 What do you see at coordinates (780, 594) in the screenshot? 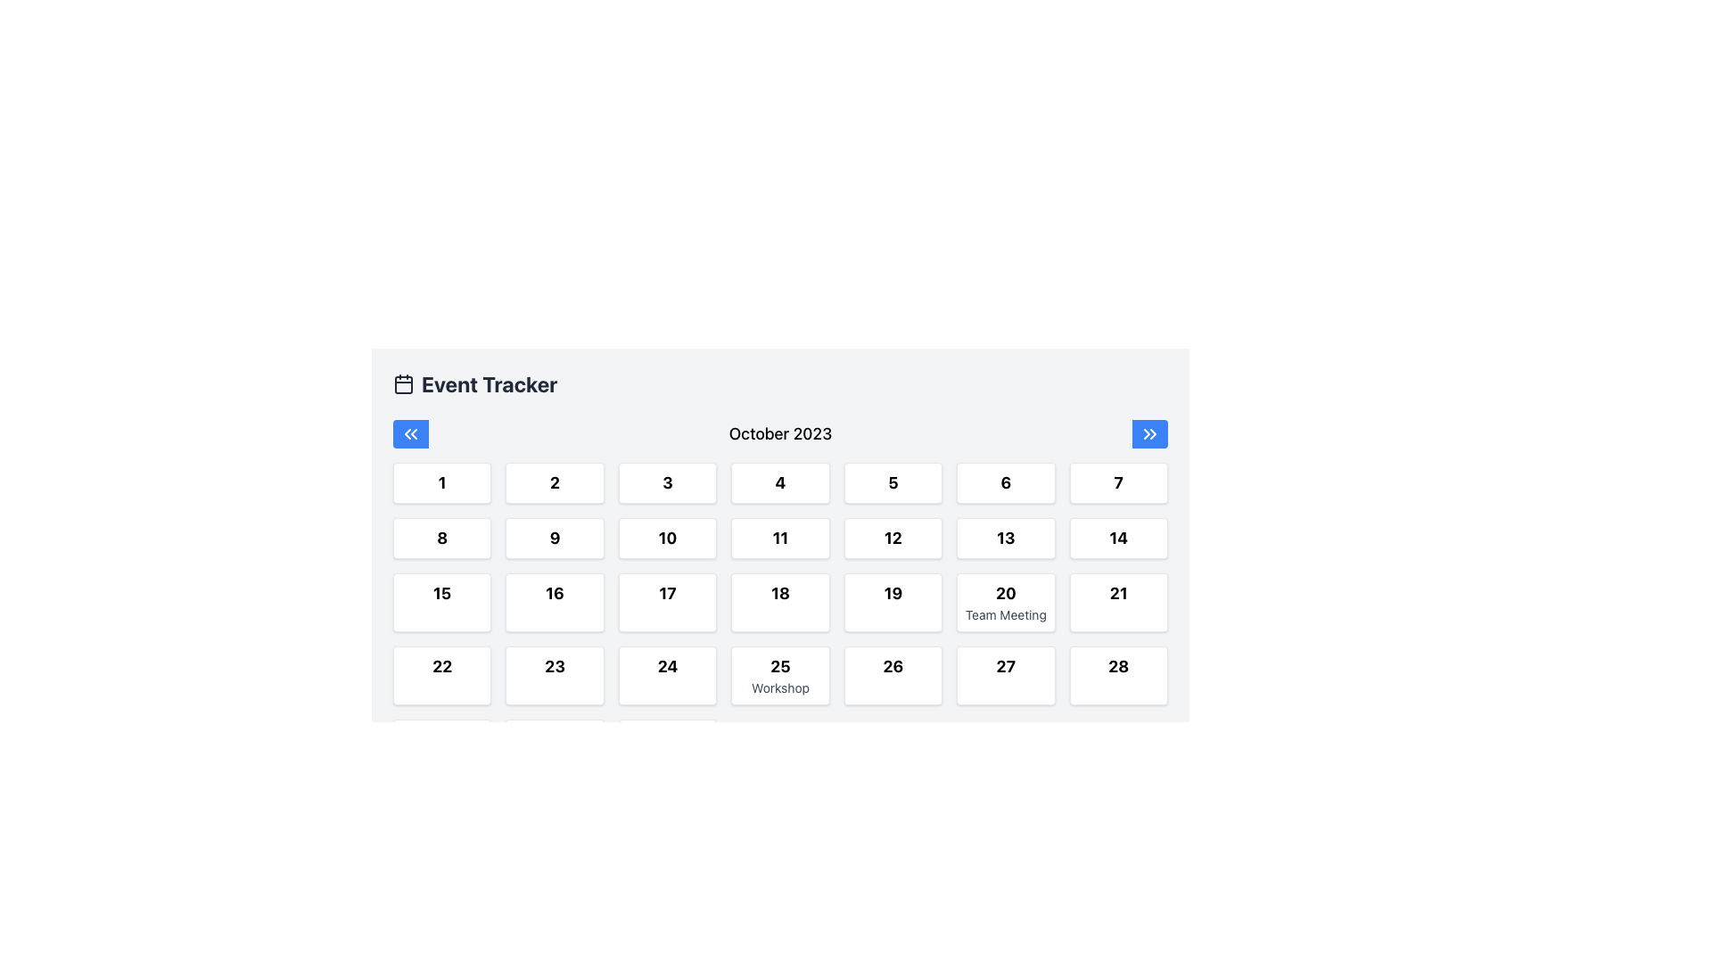
I see `the text representing the calendar day '18' in the visual calendar interface` at bounding box center [780, 594].